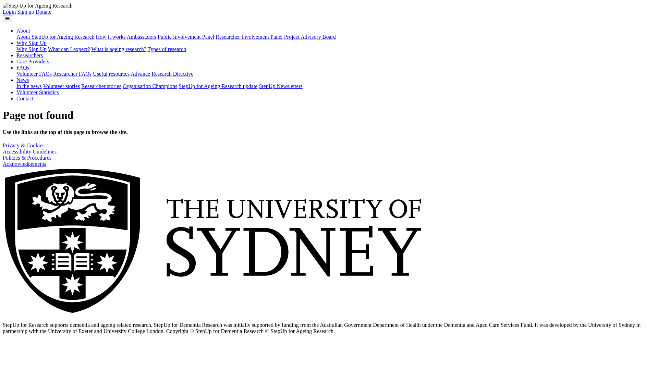  What do you see at coordinates (141, 37) in the screenshot?
I see `'Ambassadors'` at bounding box center [141, 37].